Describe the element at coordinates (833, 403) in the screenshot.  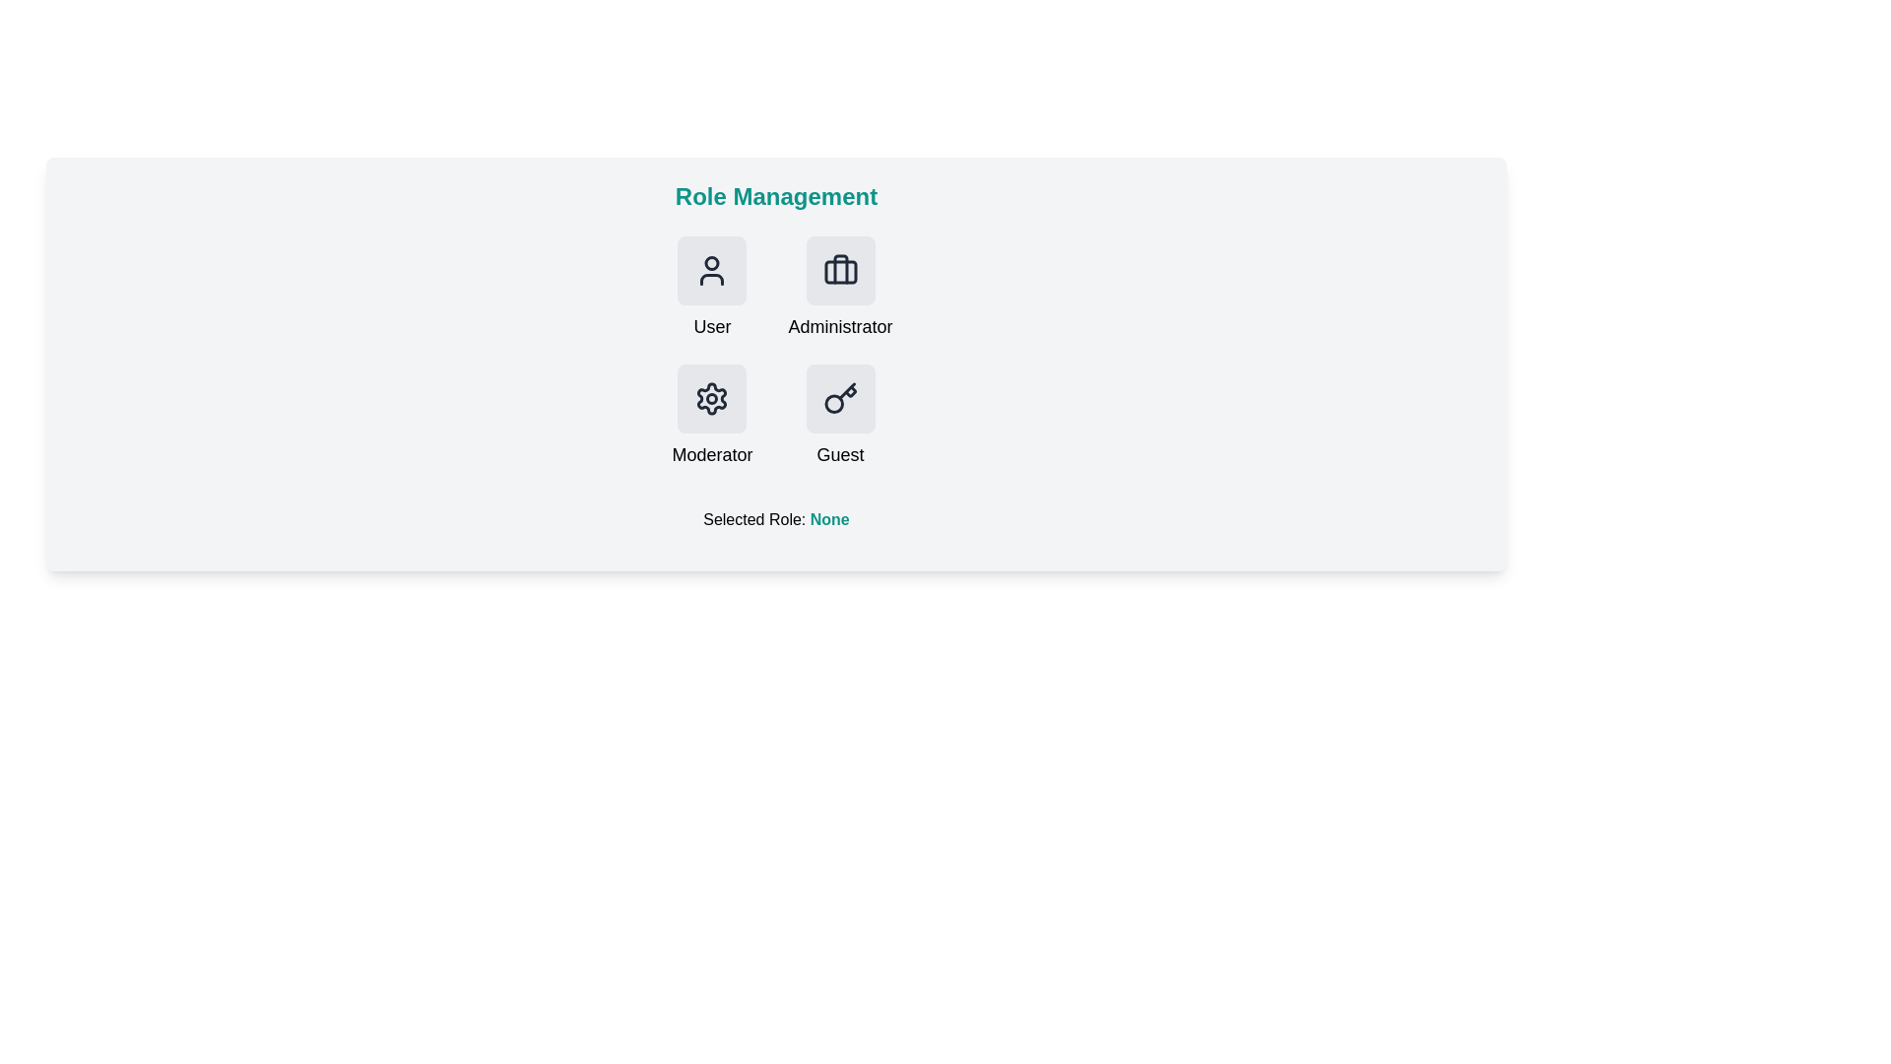
I see `the circular graphic element within the key icon, located in the bottom section of the 'Guest' role option in the Role Management interface` at that location.